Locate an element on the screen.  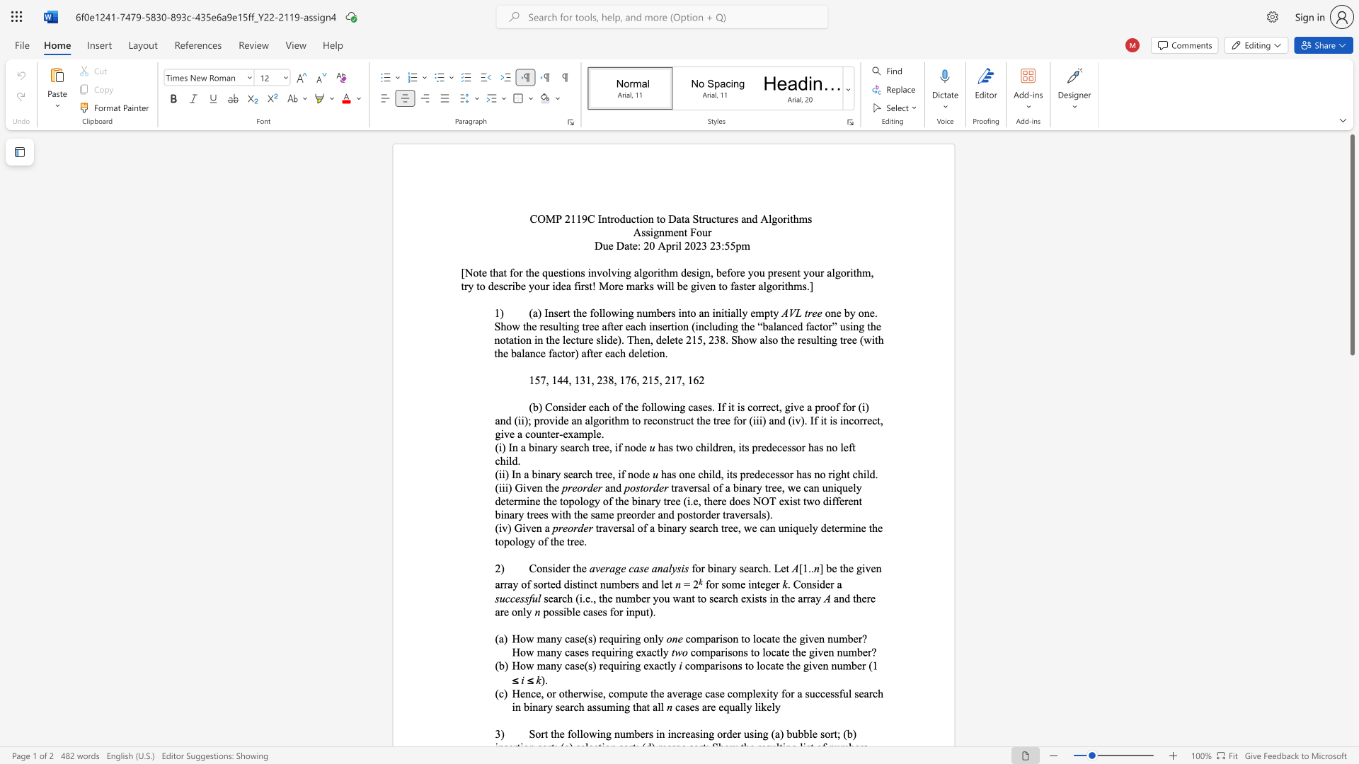
the 1th character "r" in the text is located at coordinates (612, 219).